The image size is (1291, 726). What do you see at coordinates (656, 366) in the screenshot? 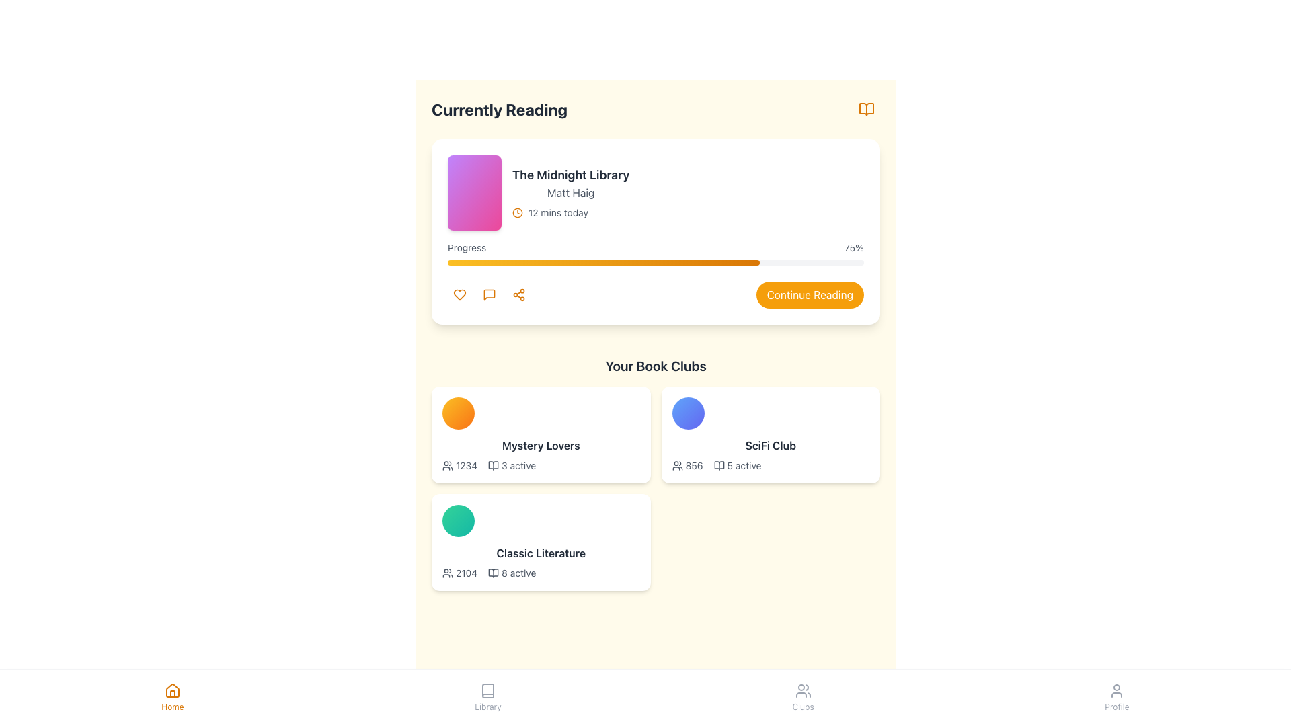
I see `the Text header that introduces the 'Book Clubs' section, located directly beneath the 'Currently Reading' section` at bounding box center [656, 366].